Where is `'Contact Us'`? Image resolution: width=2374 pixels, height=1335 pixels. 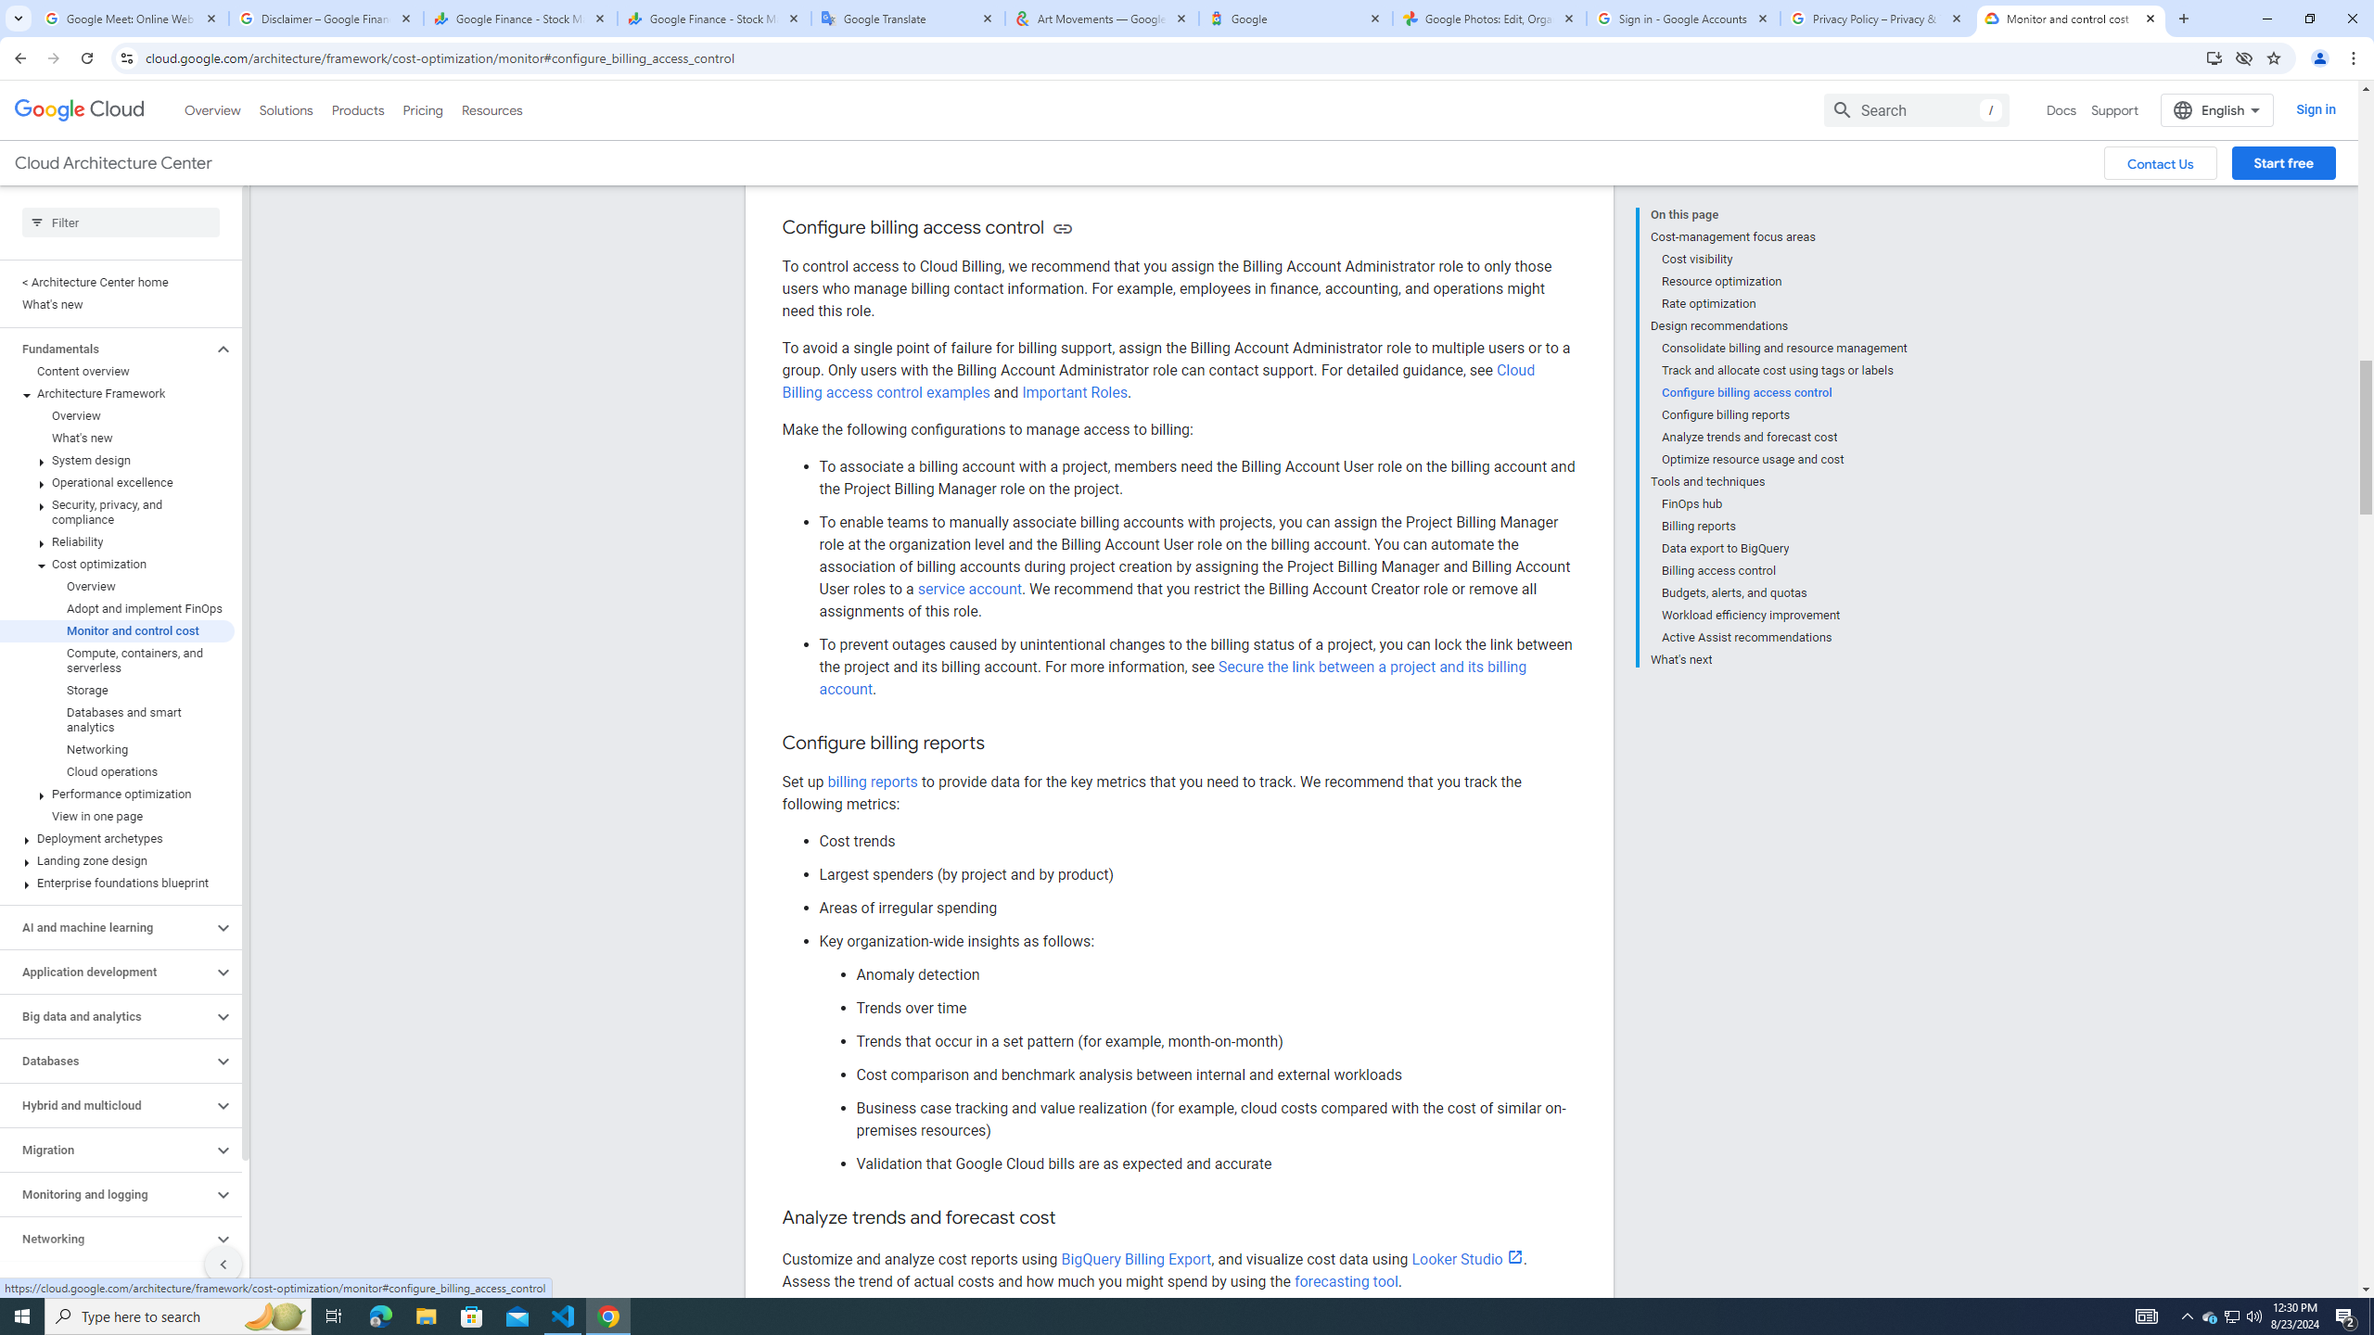
'Contact Us' is located at coordinates (2159, 163).